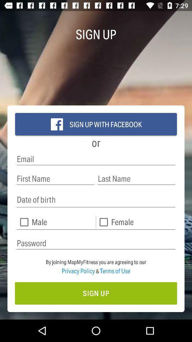 This screenshot has height=342, width=192. What do you see at coordinates (96, 200) in the screenshot?
I see `date of birth` at bounding box center [96, 200].